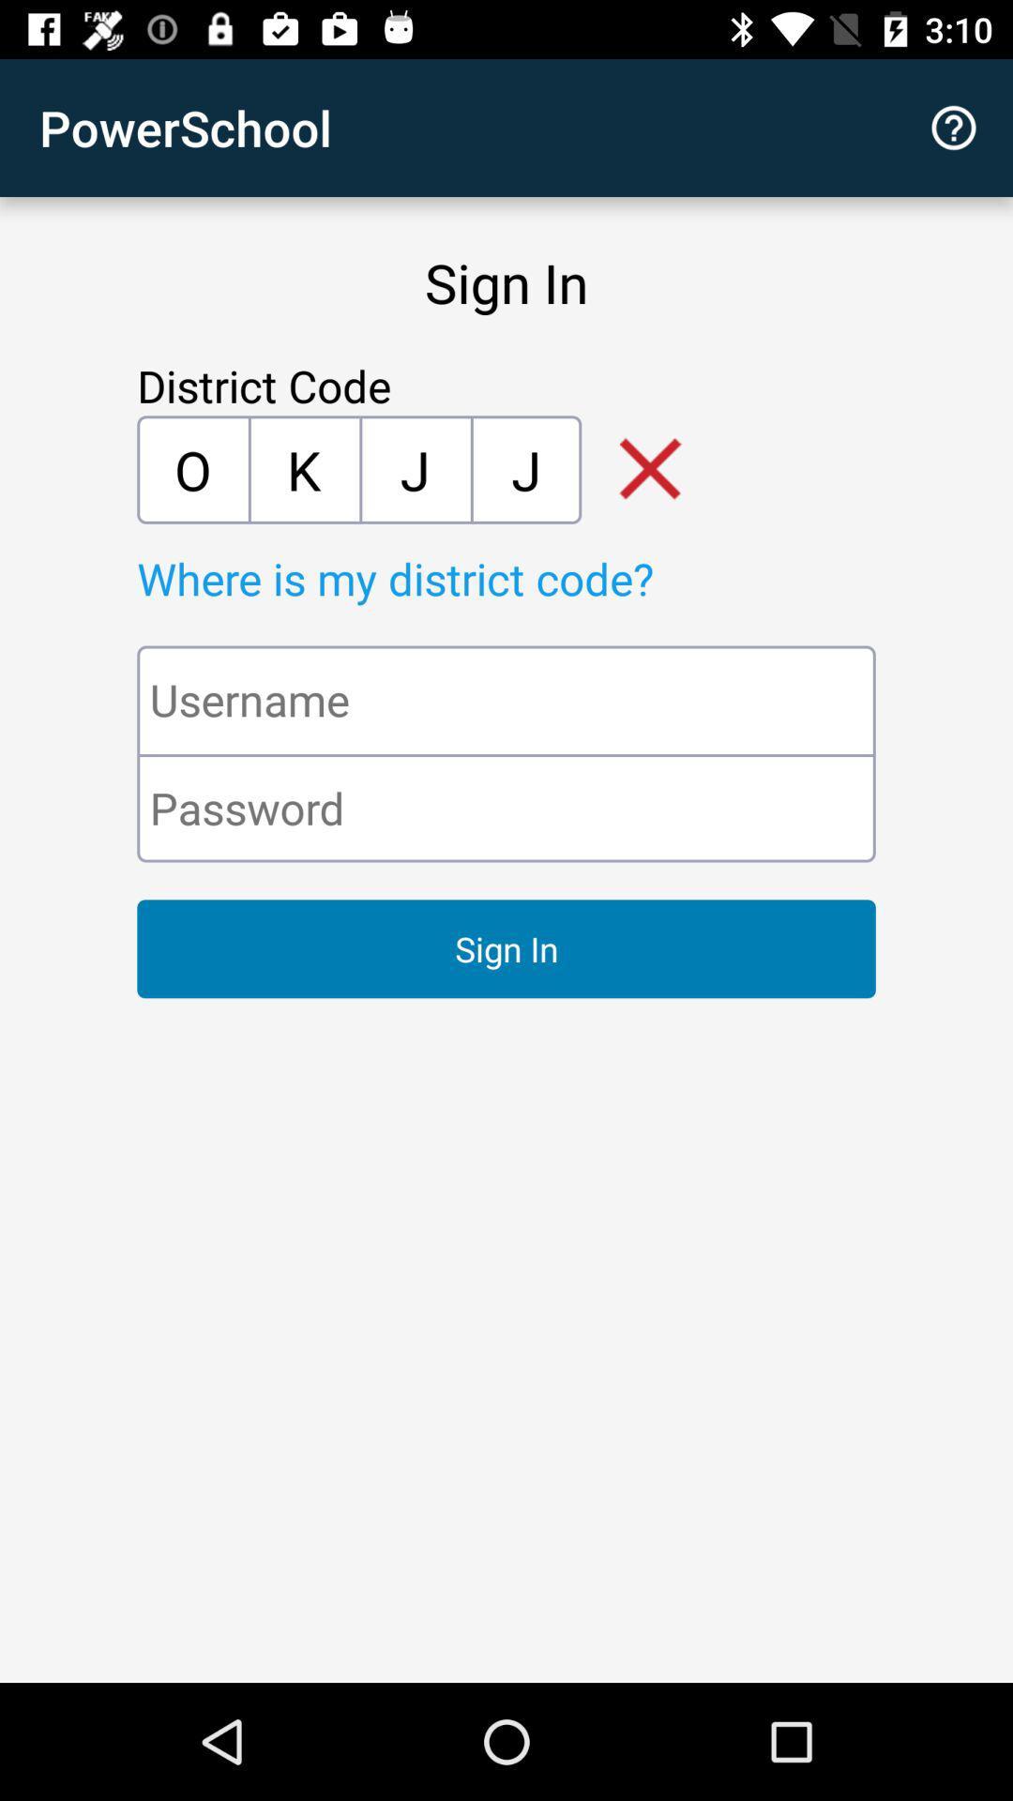 The height and width of the screenshot is (1801, 1013). What do you see at coordinates (303, 469) in the screenshot?
I see `the letter beside o` at bounding box center [303, 469].